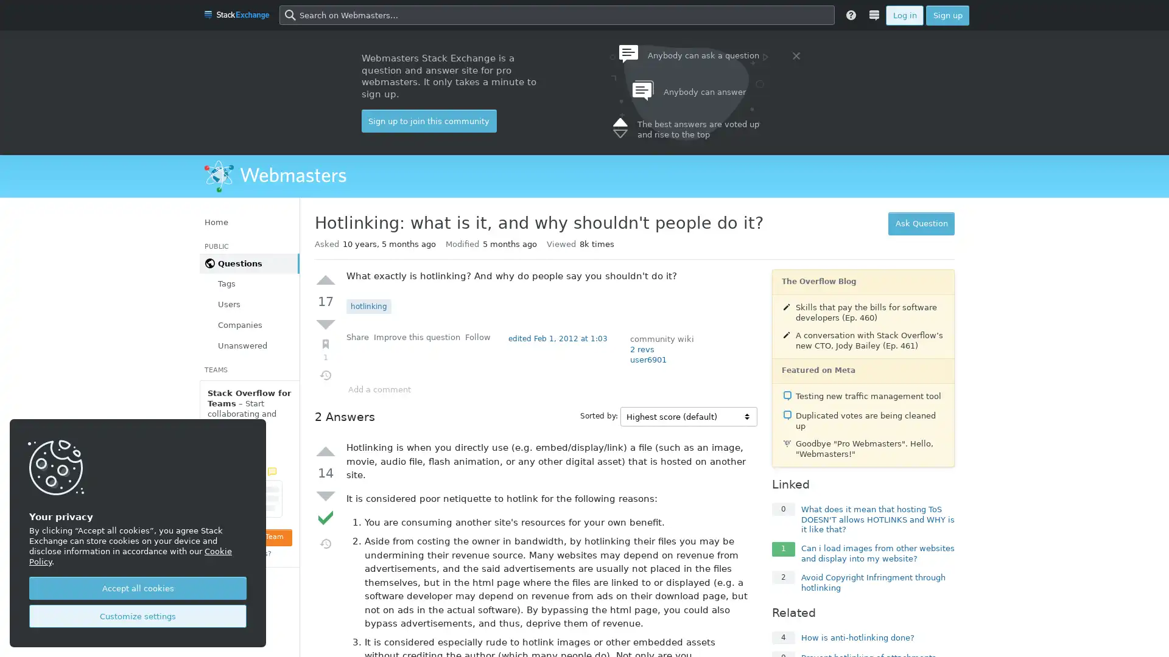 Image resolution: width=1169 pixels, height=657 pixels. Describe the element at coordinates (325, 323) in the screenshot. I see `Down vote` at that location.